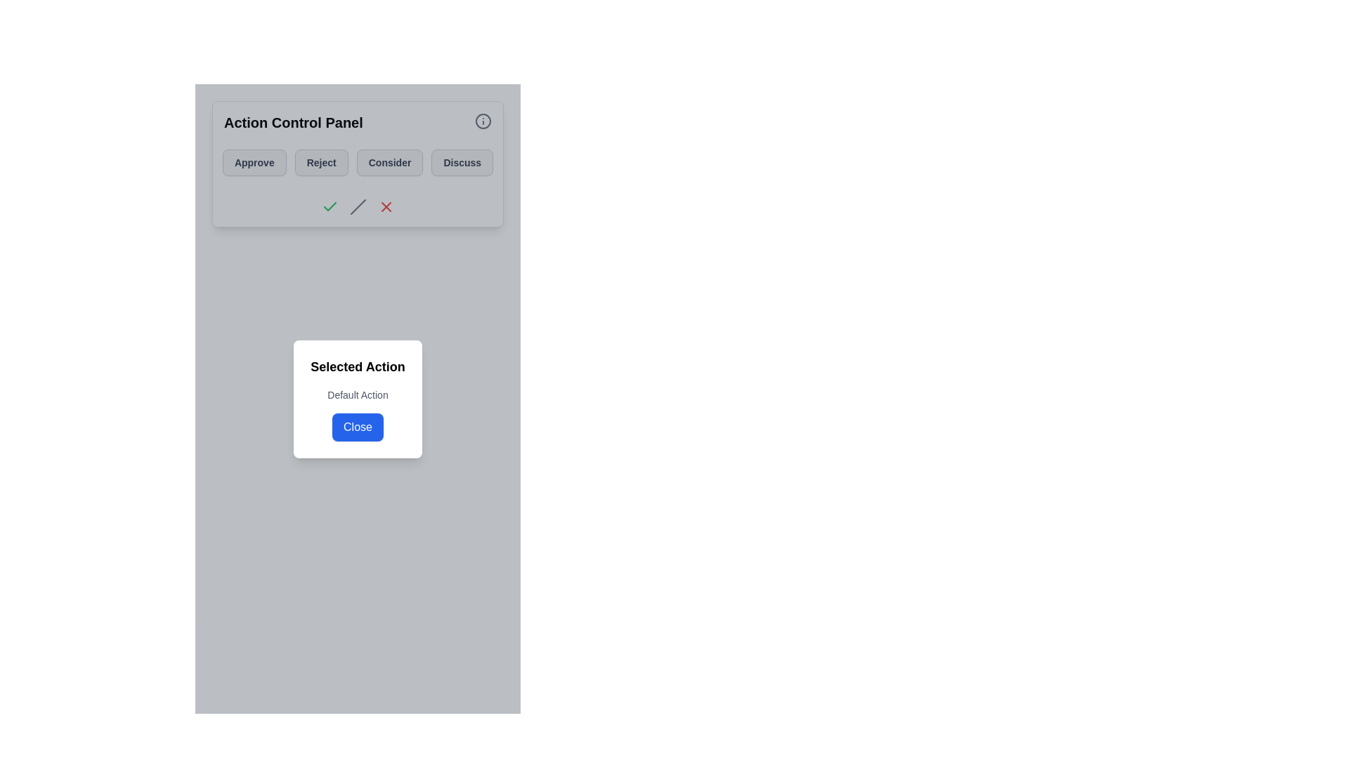  What do you see at coordinates (358, 206) in the screenshot?
I see `the second slashed icon in the group of three icons within the 'Action Control Panel', positioned between a green check icon and a red cross icon` at bounding box center [358, 206].